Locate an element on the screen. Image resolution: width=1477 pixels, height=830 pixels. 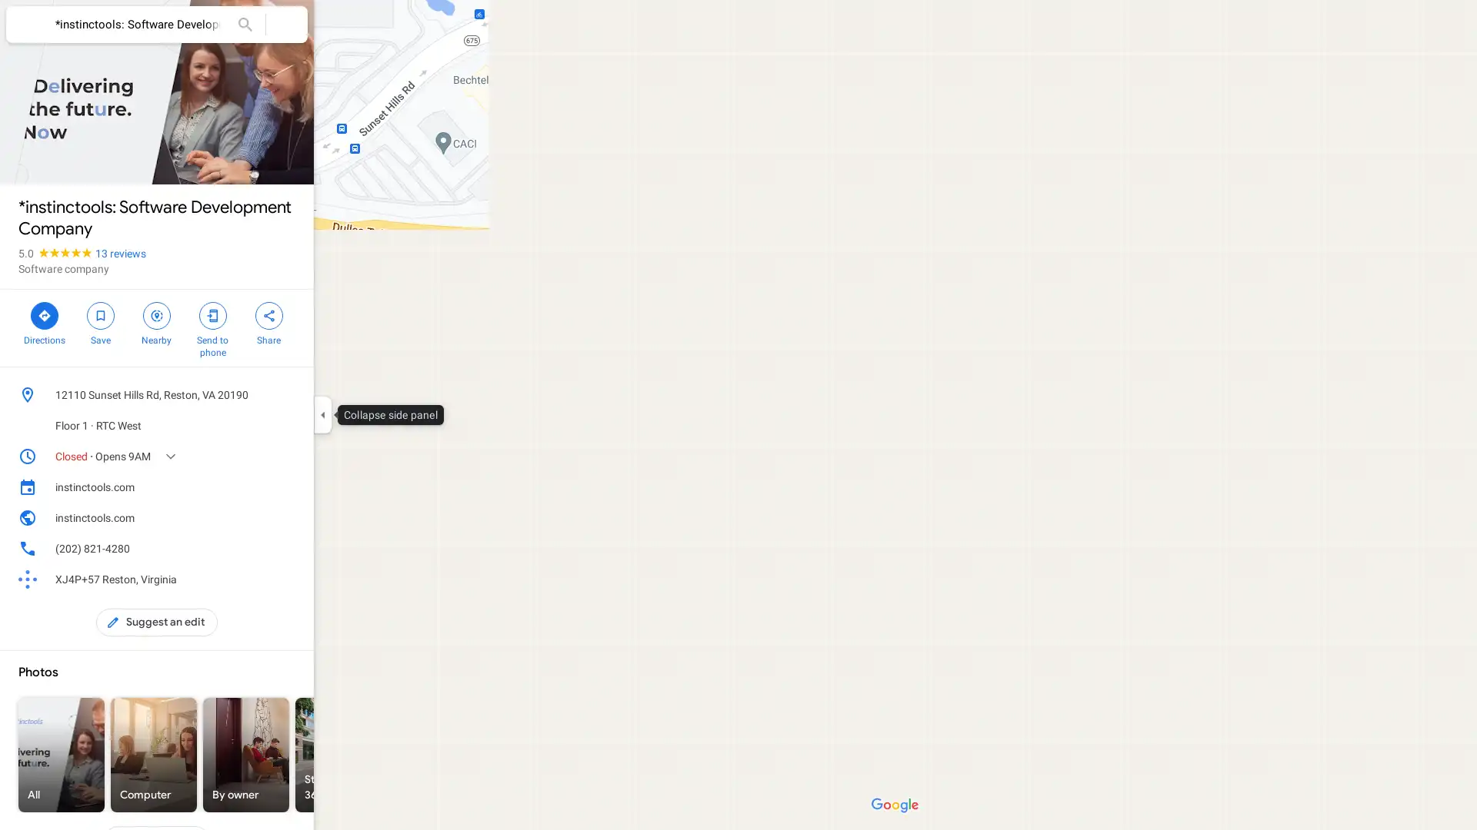
Share *instinctools: Software Development Company is located at coordinates (268, 321).